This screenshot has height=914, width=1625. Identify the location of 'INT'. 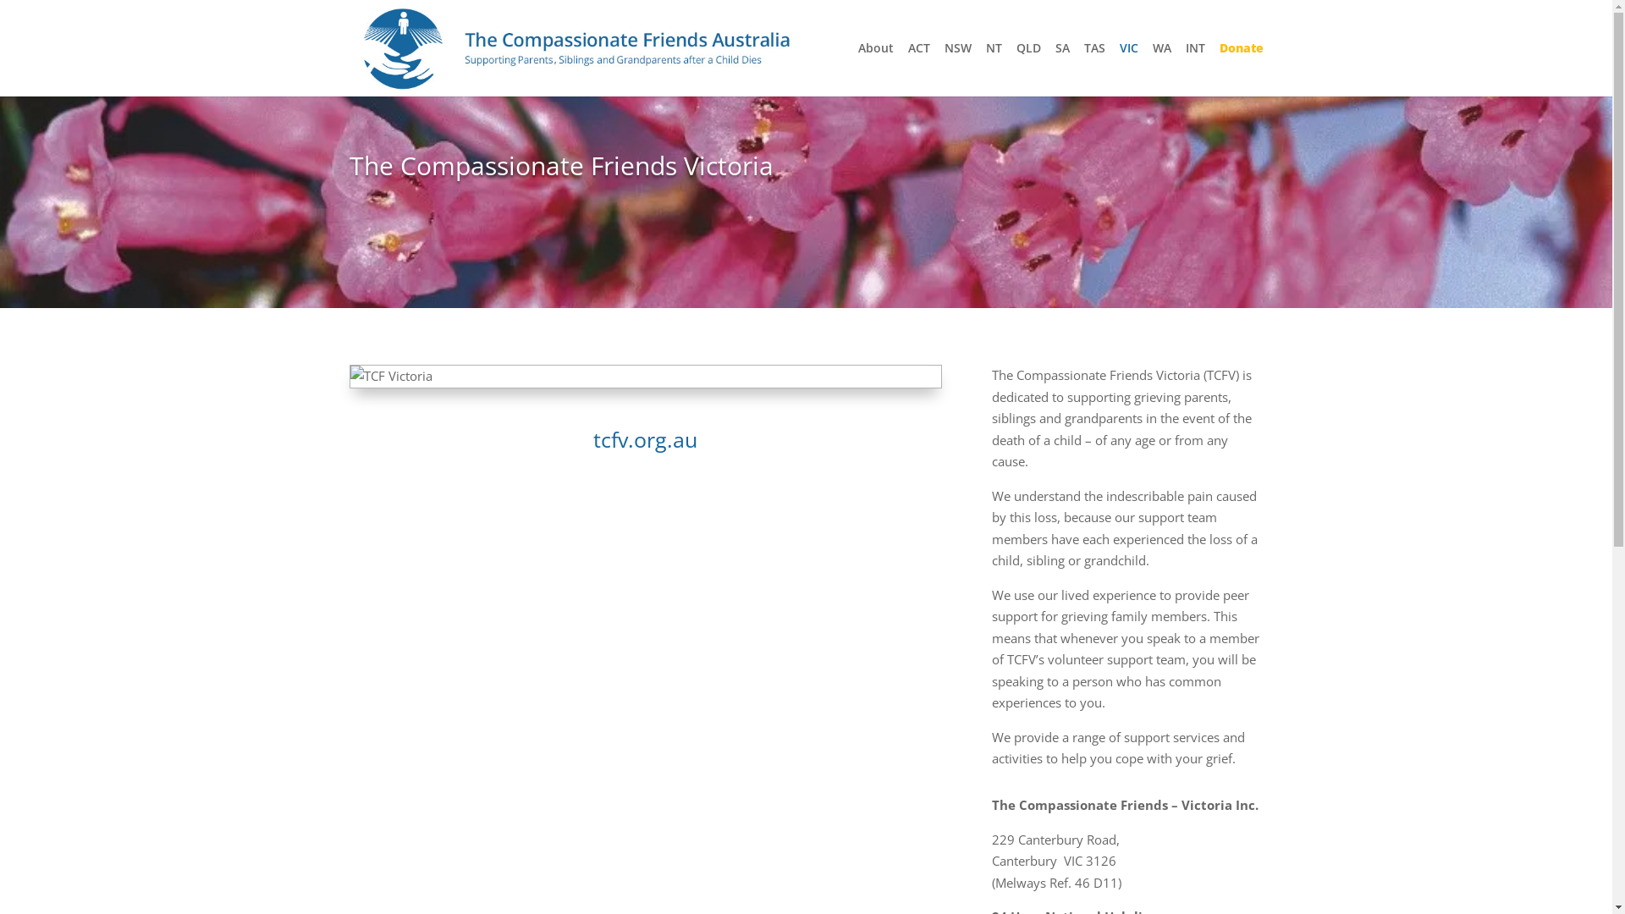
(1193, 68).